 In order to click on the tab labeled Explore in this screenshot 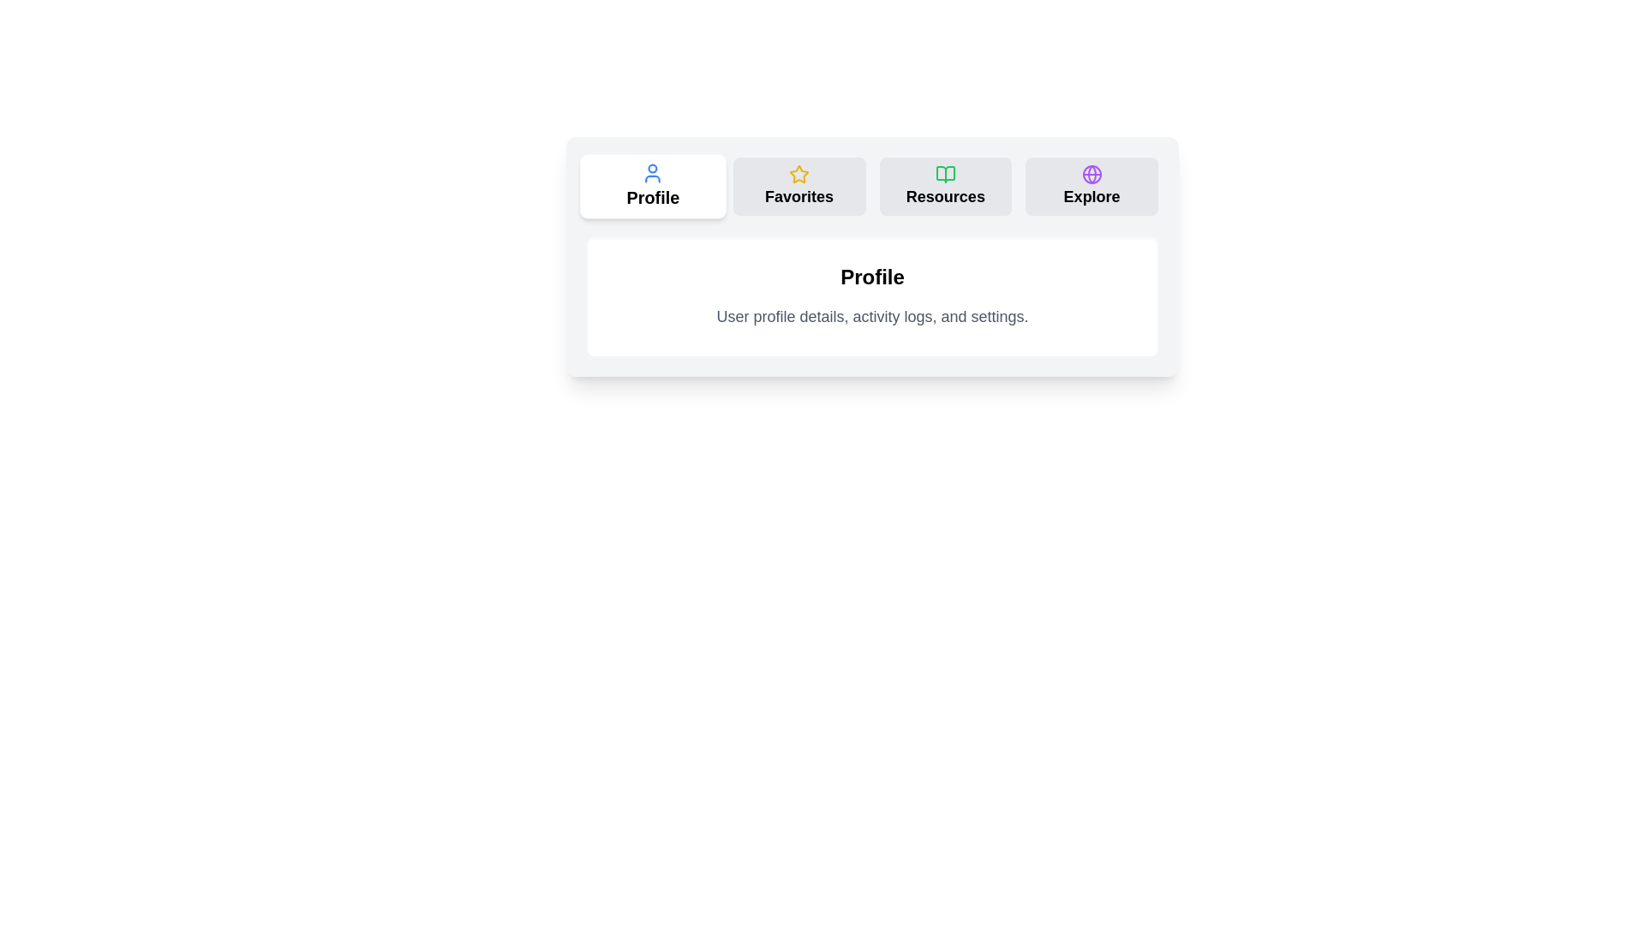, I will do `click(1091, 187)`.